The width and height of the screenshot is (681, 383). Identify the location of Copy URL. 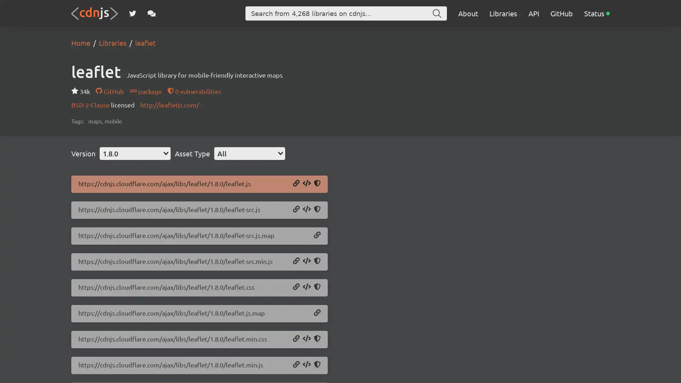
(296, 261).